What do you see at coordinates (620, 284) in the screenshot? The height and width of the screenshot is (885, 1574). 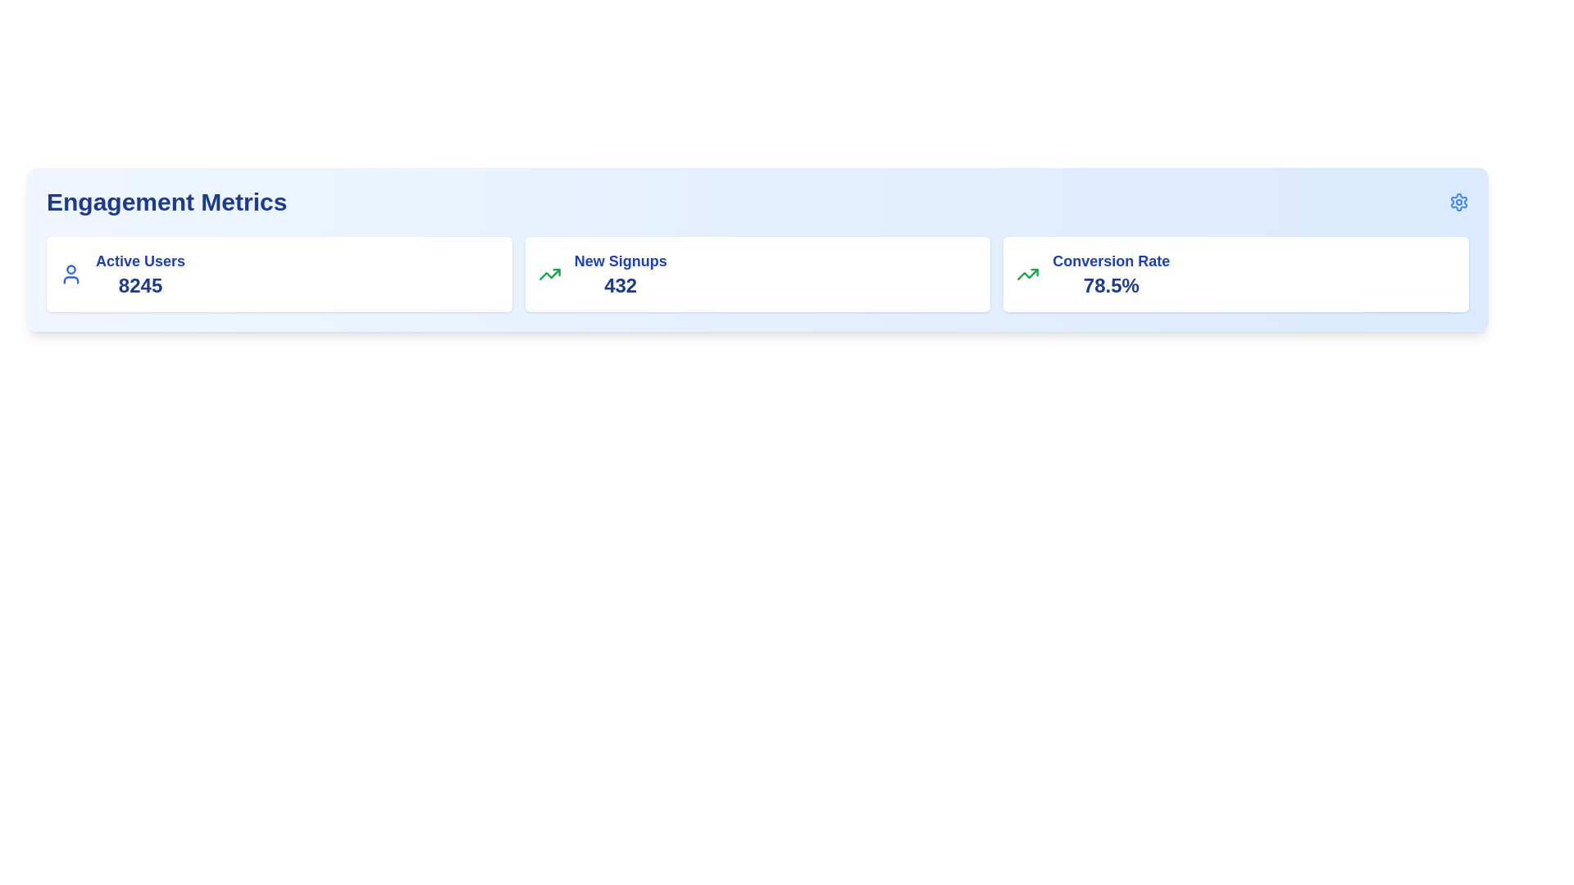 I see `the bold text label displaying the number '432', which is located under the smaller title 'New Signups' in the middle widget of the dashboard` at bounding box center [620, 284].